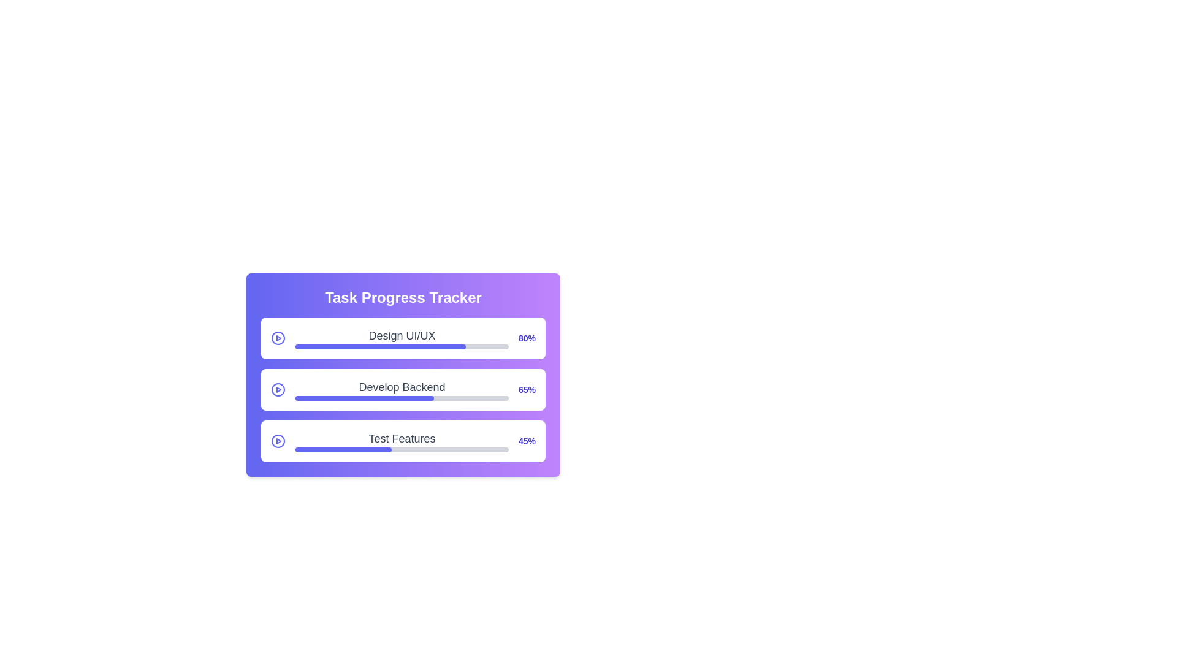 This screenshot has width=1177, height=662. I want to click on text content of the Text Label displaying 'Design UI/UX', which is located at the top center of its card above the progress bar, so click(402, 338).